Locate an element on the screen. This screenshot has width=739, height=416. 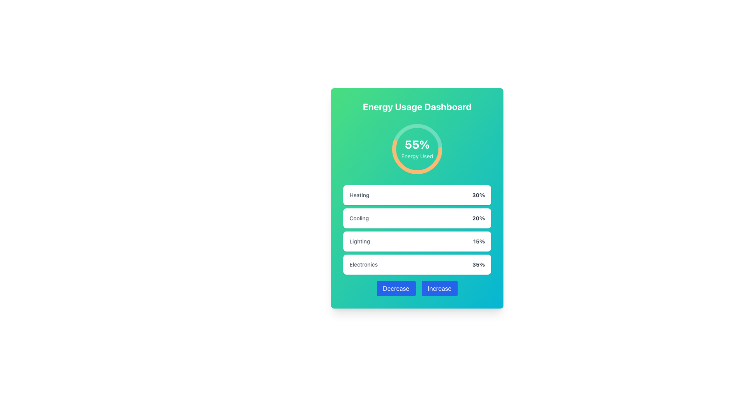
the text displaying the energy usage percentage, which is located at the top-center of the dashboard within a circular visual indicator is located at coordinates (417, 149).